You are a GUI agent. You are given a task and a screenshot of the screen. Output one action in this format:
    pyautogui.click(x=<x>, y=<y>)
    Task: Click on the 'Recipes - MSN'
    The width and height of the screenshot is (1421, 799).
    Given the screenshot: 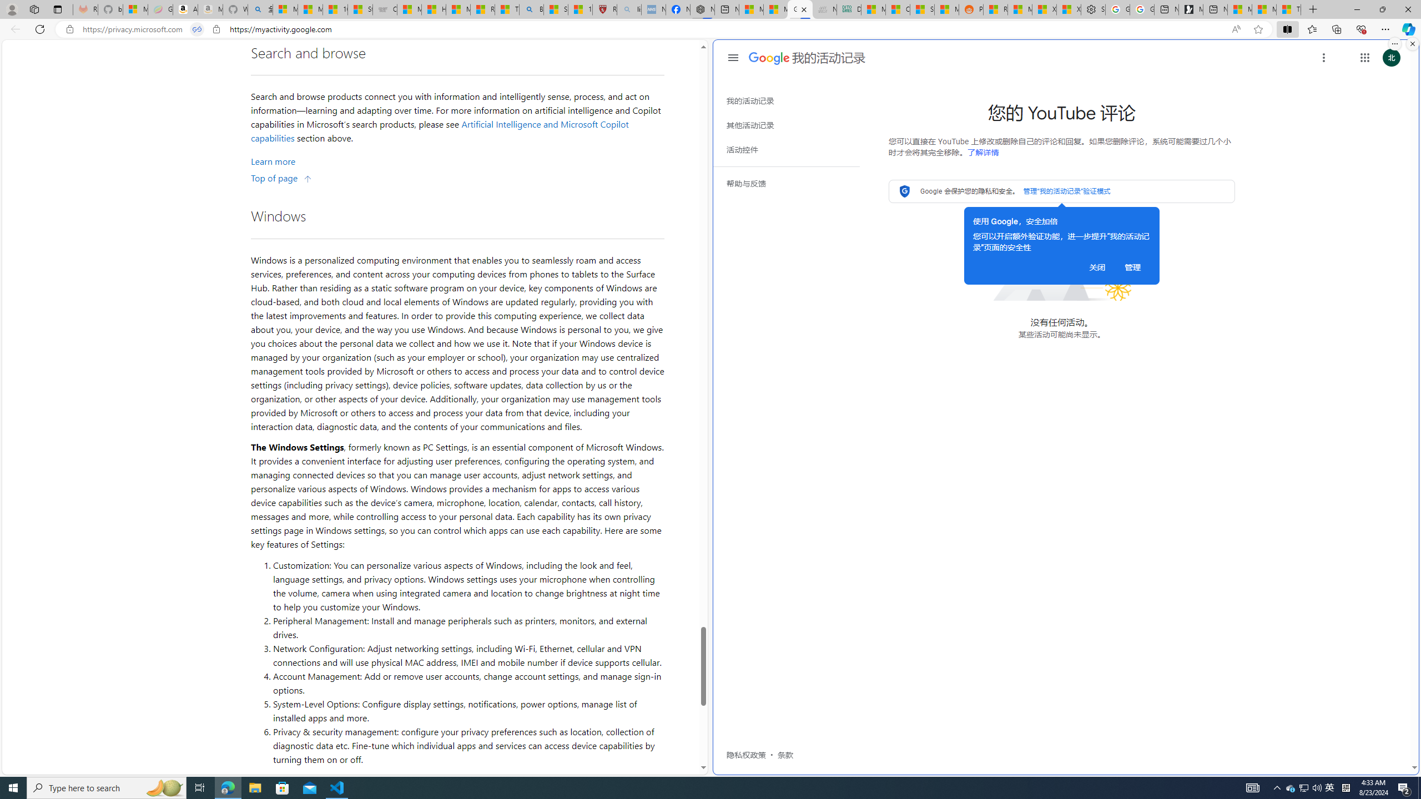 What is the action you would take?
    pyautogui.click(x=482, y=9)
    